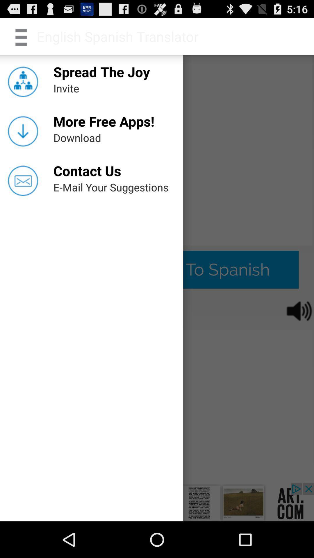 This screenshot has height=558, width=314. What do you see at coordinates (295, 333) in the screenshot?
I see `the volume icon` at bounding box center [295, 333].